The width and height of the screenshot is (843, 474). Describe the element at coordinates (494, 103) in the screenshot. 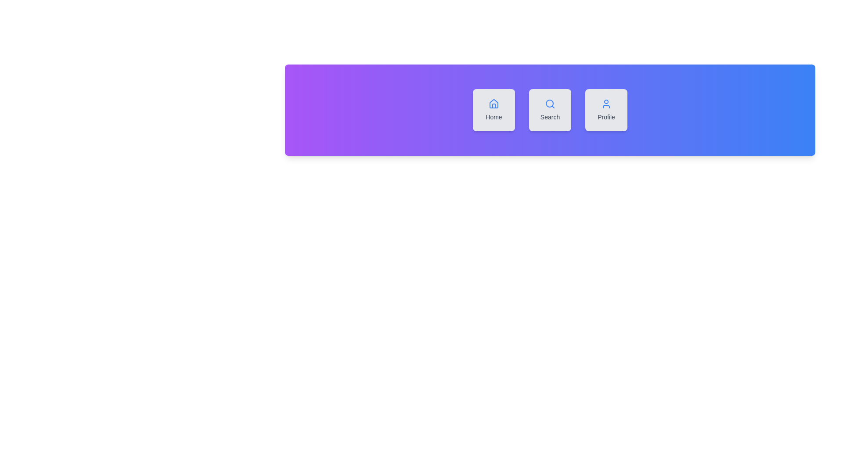

I see `the 'Home' icon located at the top center of the first card in a row of three, which is visually represented for intuitive navigation` at that location.